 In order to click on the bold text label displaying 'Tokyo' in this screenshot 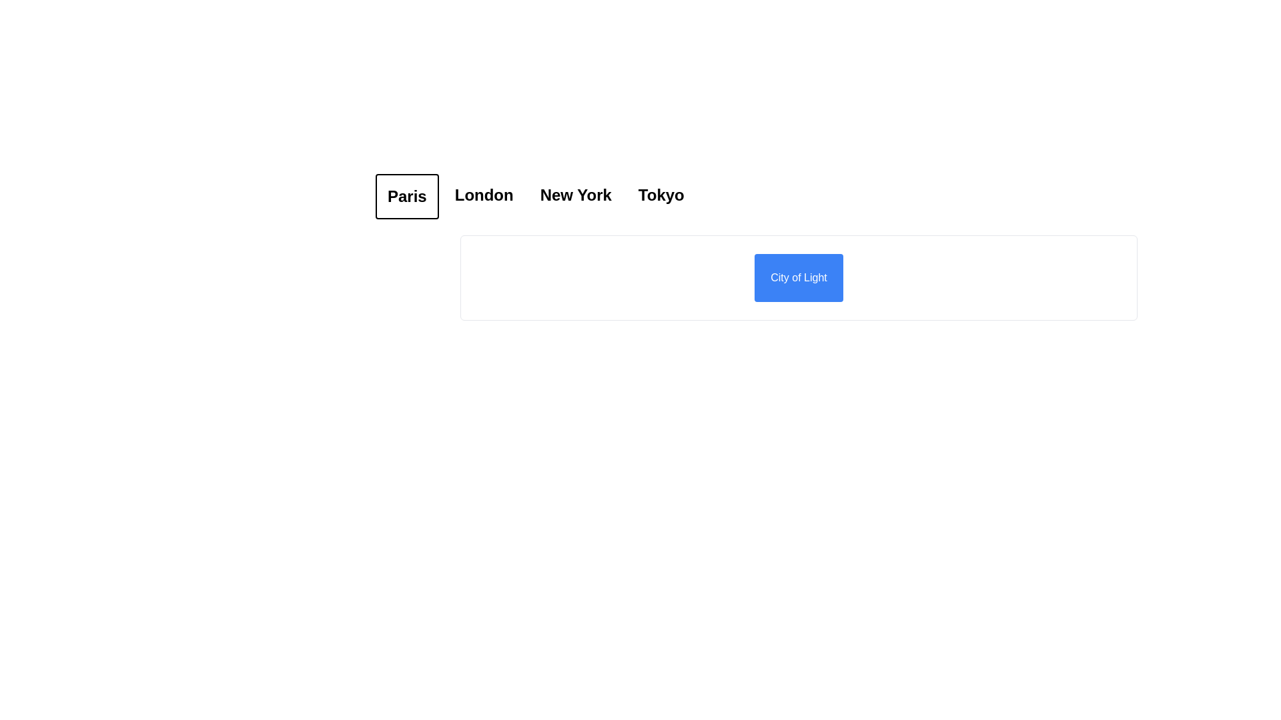, I will do `click(661, 196)`.